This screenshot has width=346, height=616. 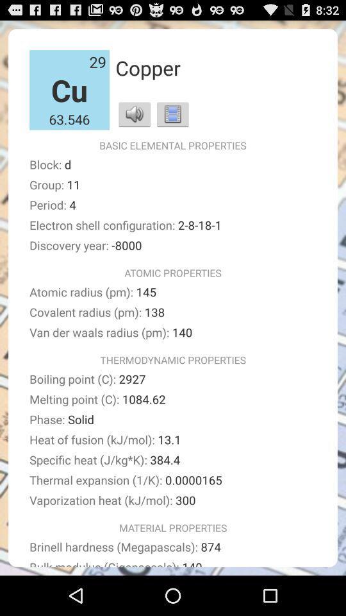 I want to click on sound icon, so click(x=134, y=113).